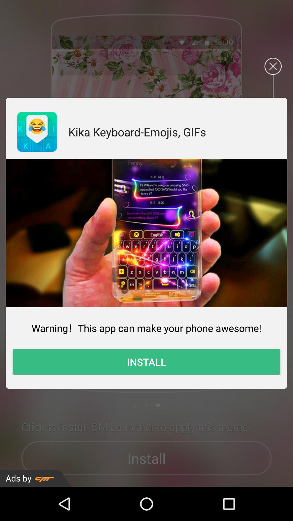 The image size is (293, 521). I want to click on kika keyboard emojis, so click(137, 132).